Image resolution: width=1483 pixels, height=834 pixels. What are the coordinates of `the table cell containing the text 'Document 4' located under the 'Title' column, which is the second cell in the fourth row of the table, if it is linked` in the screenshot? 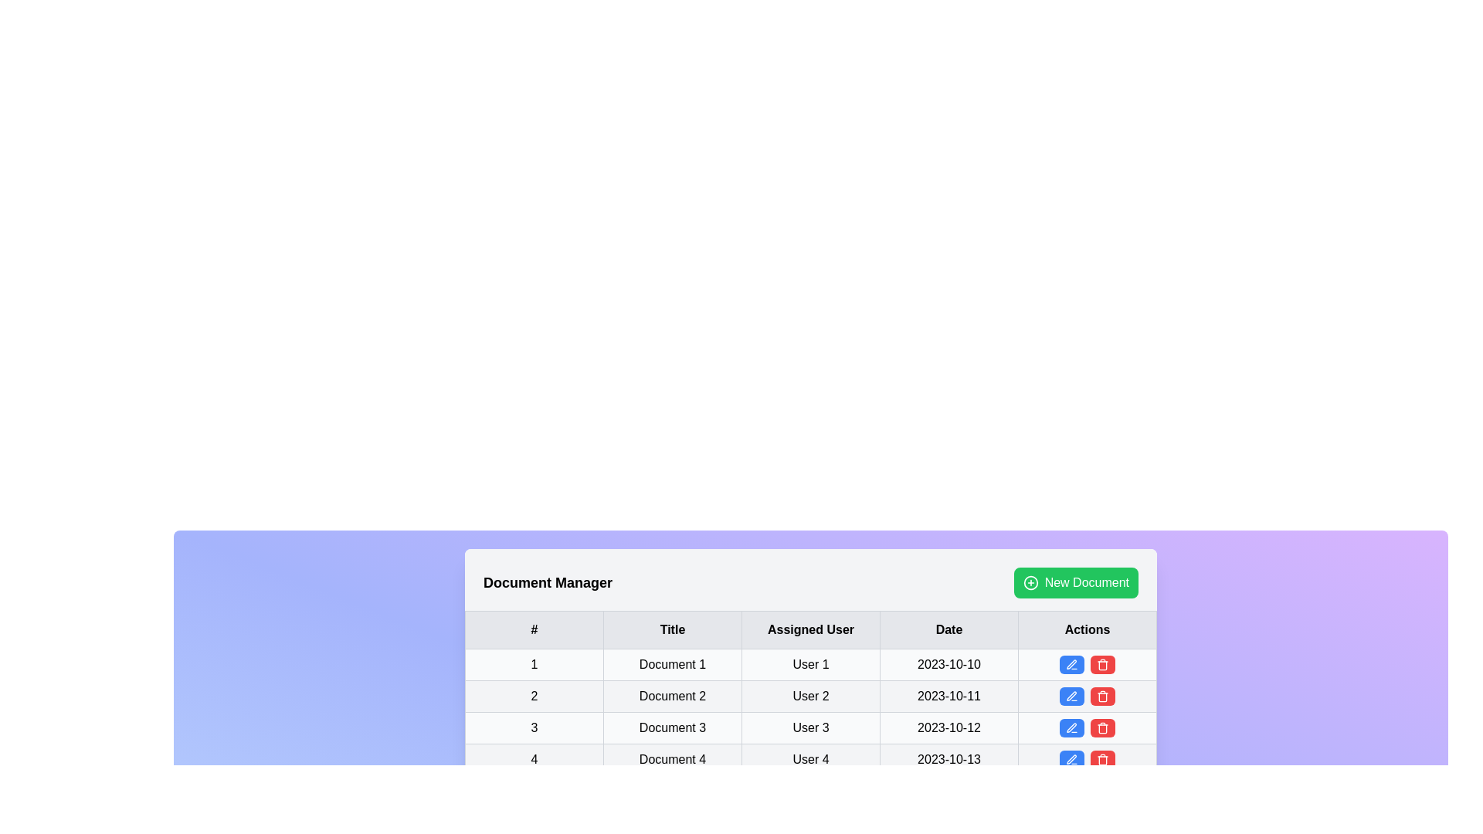 It's located at (672, 758).